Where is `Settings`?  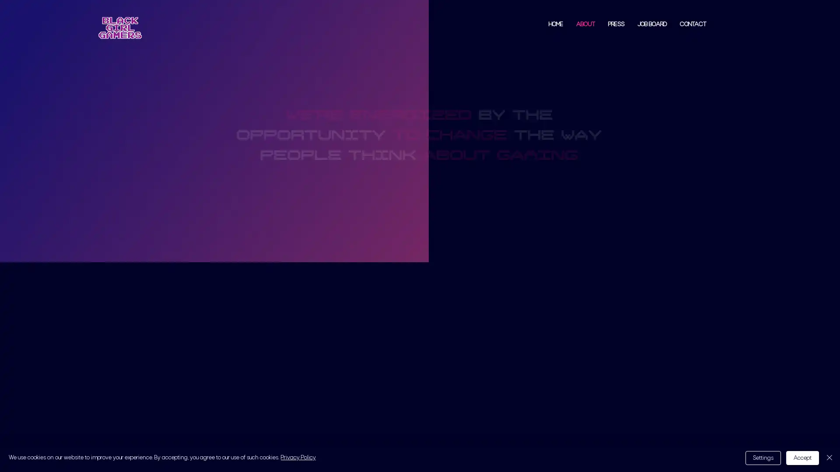 Settings is located at coordinates (763, 458).